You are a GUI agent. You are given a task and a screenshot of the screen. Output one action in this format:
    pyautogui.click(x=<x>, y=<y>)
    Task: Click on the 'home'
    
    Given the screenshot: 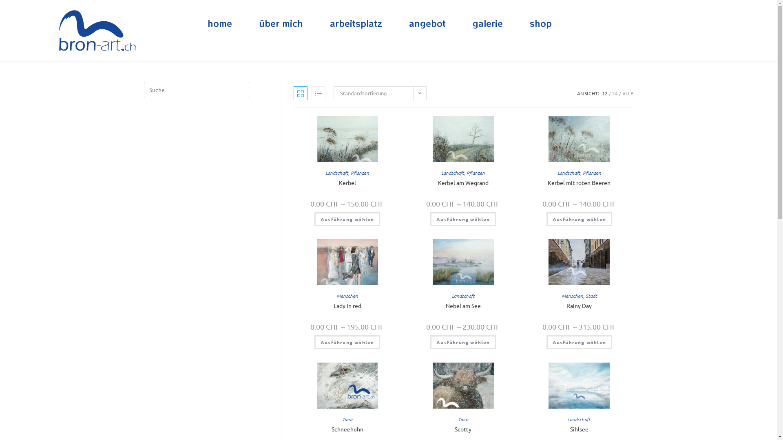 What is the action you would take?
    pyautogui.click(x=219, y=23)
    